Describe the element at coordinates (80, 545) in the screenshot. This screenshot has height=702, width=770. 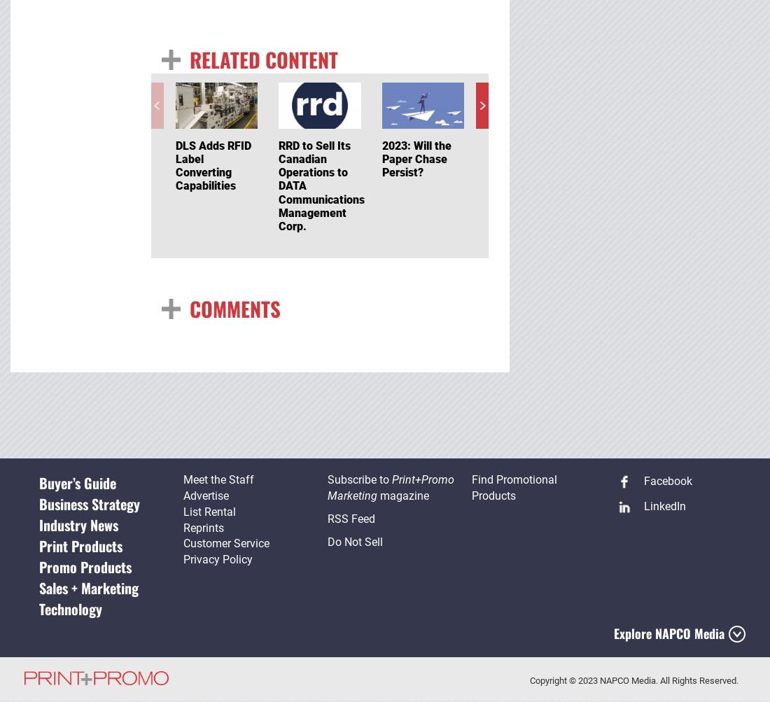
I see `'Print Products'` at that location.